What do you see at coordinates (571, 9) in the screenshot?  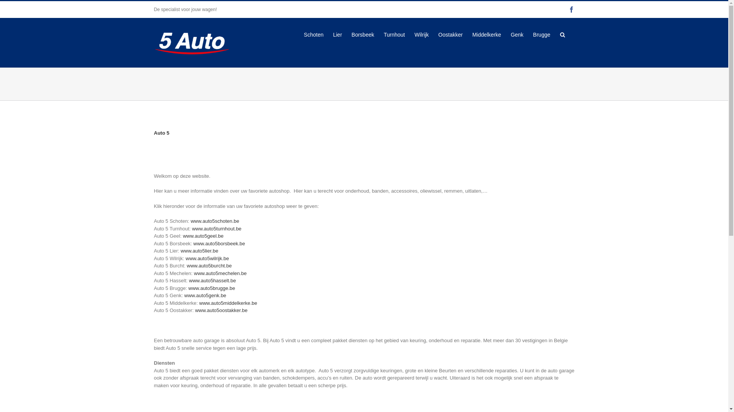 I see `'Facebook'` at bounding box center [571, 9].